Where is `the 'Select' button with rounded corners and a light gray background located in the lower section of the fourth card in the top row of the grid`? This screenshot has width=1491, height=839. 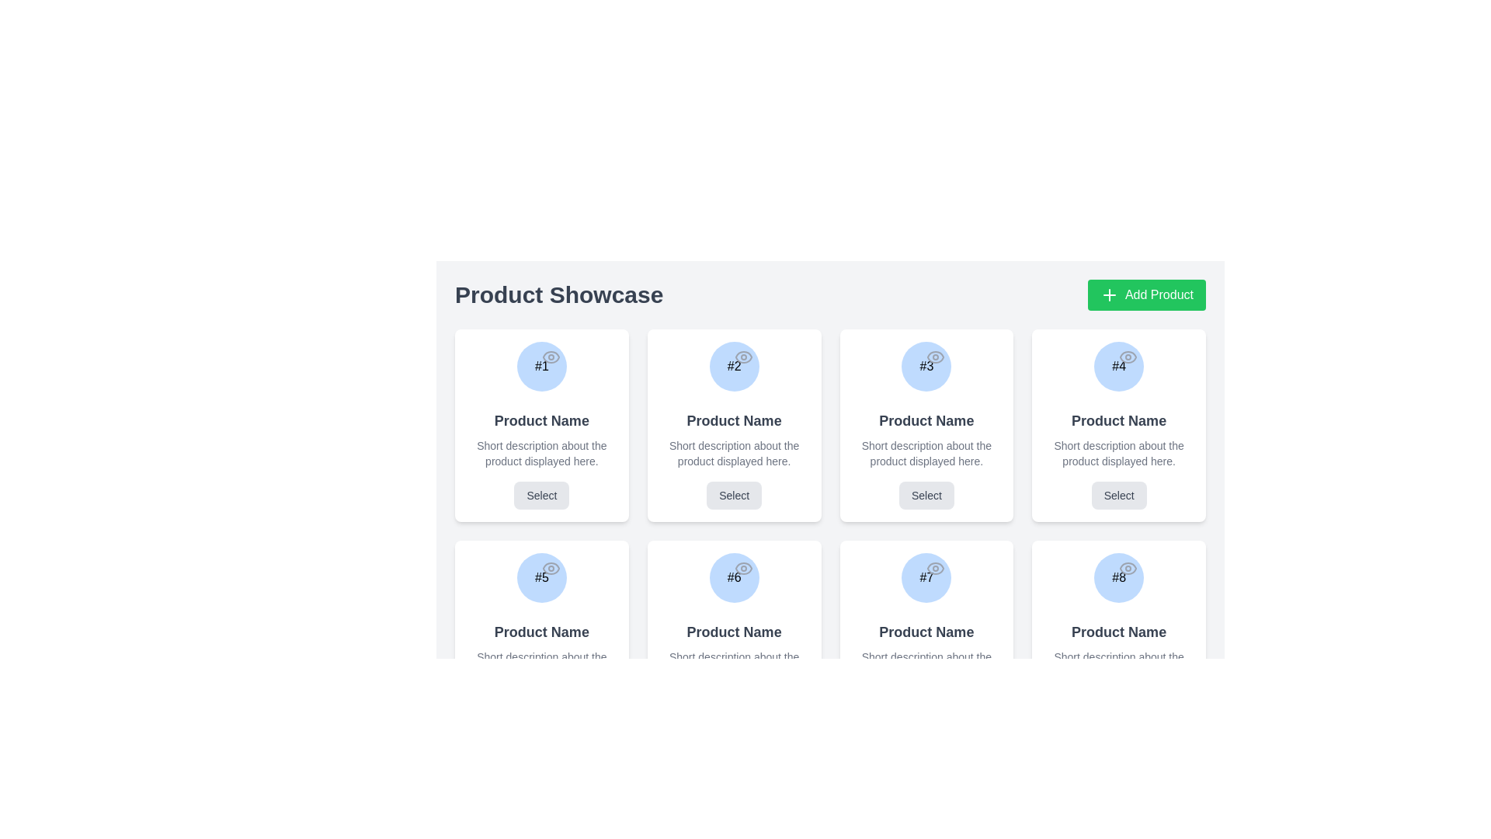
the 'Select' button with rounded corners and a light gray background located in the lower section of the fourth card in the top row of the grid is located at coordinates (1119, 495).